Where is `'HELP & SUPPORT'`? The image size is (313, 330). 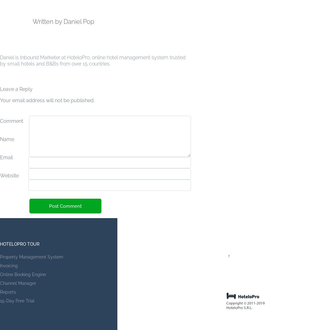
'HELP & SUPPORT' is located at coordinates (245, 244).